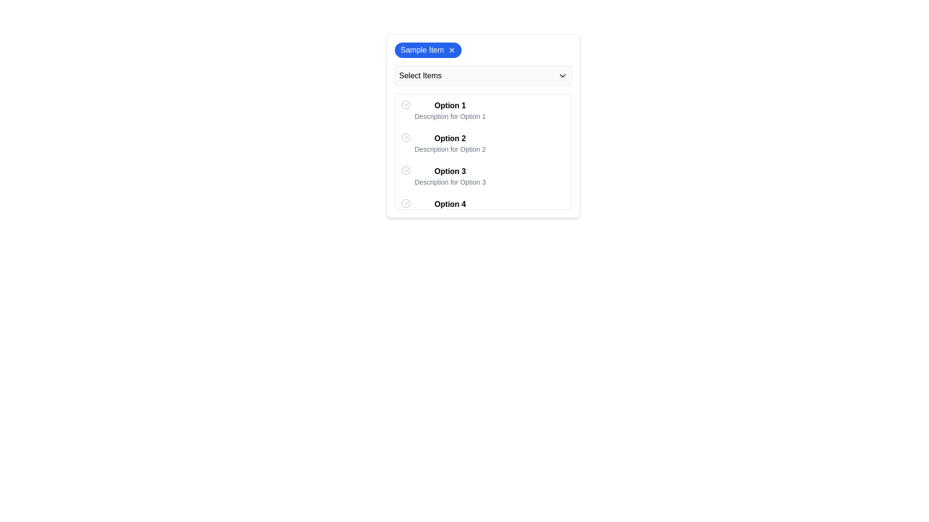  What do you see at coordinates (483, 176) in the screenshot?
I see `the interactive list item labeled 'Option 3'` at bounding box center [483, 176].